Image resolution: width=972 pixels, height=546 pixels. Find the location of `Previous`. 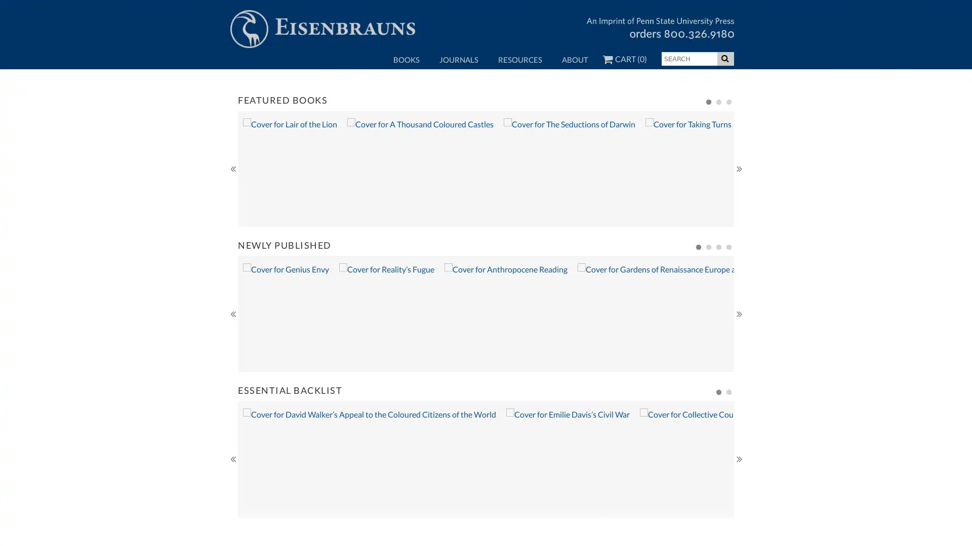

Previous is located at coordinates (232, 168).